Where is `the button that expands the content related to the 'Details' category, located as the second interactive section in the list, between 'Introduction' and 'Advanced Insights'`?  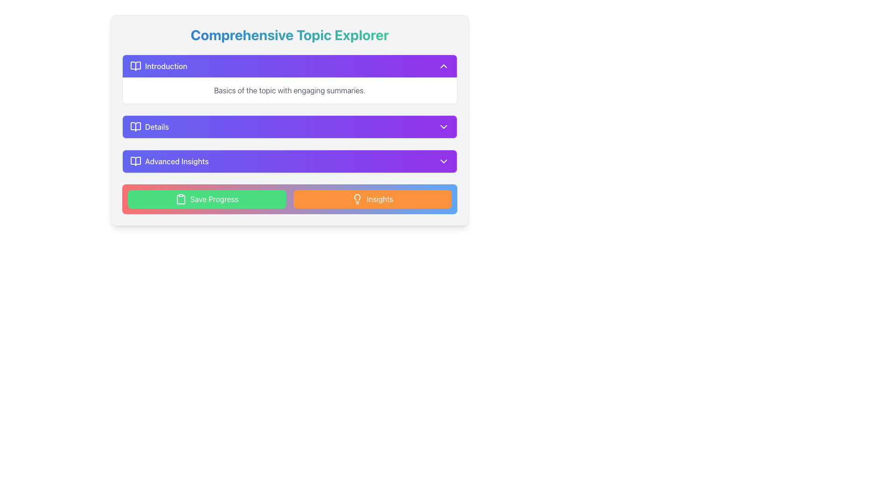
the button that expands the content related to the 'Details' category, located as the second interactive section in the list, between 'Introduction' and 'Advanced Insights' is located at coordinates (289, 120).